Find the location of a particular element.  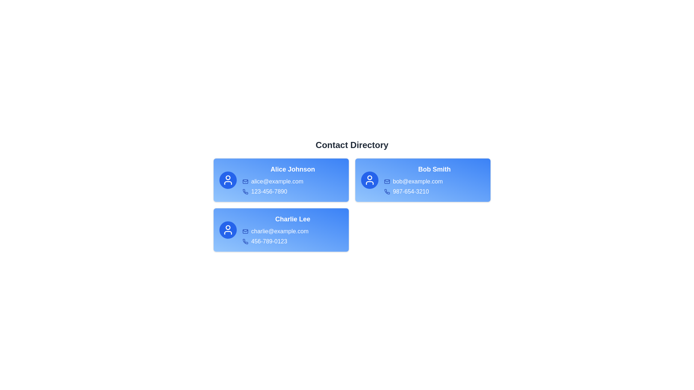

the contact card for Alice Johnson is located at coordinates (280, 179).